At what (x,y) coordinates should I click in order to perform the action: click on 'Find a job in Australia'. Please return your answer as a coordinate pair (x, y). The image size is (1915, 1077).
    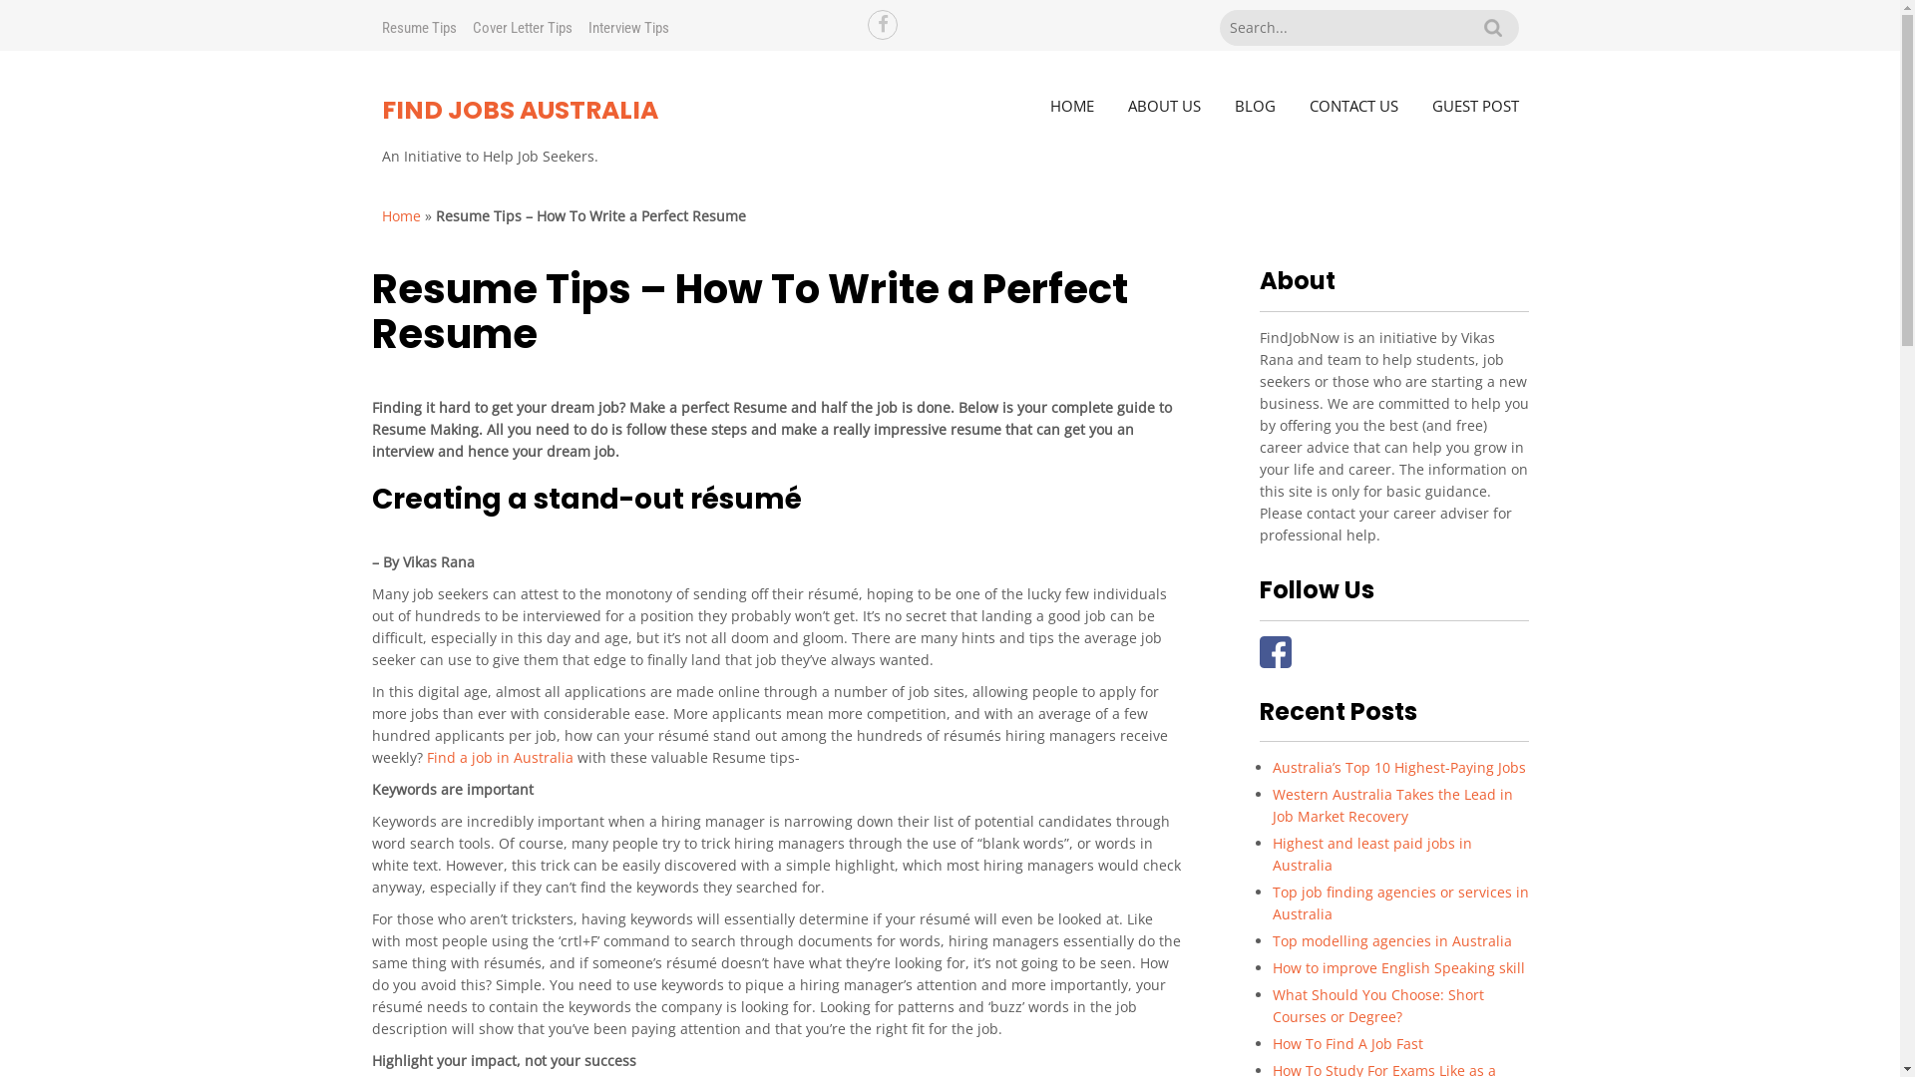
    Looking at the image, I should click on (425, 757).